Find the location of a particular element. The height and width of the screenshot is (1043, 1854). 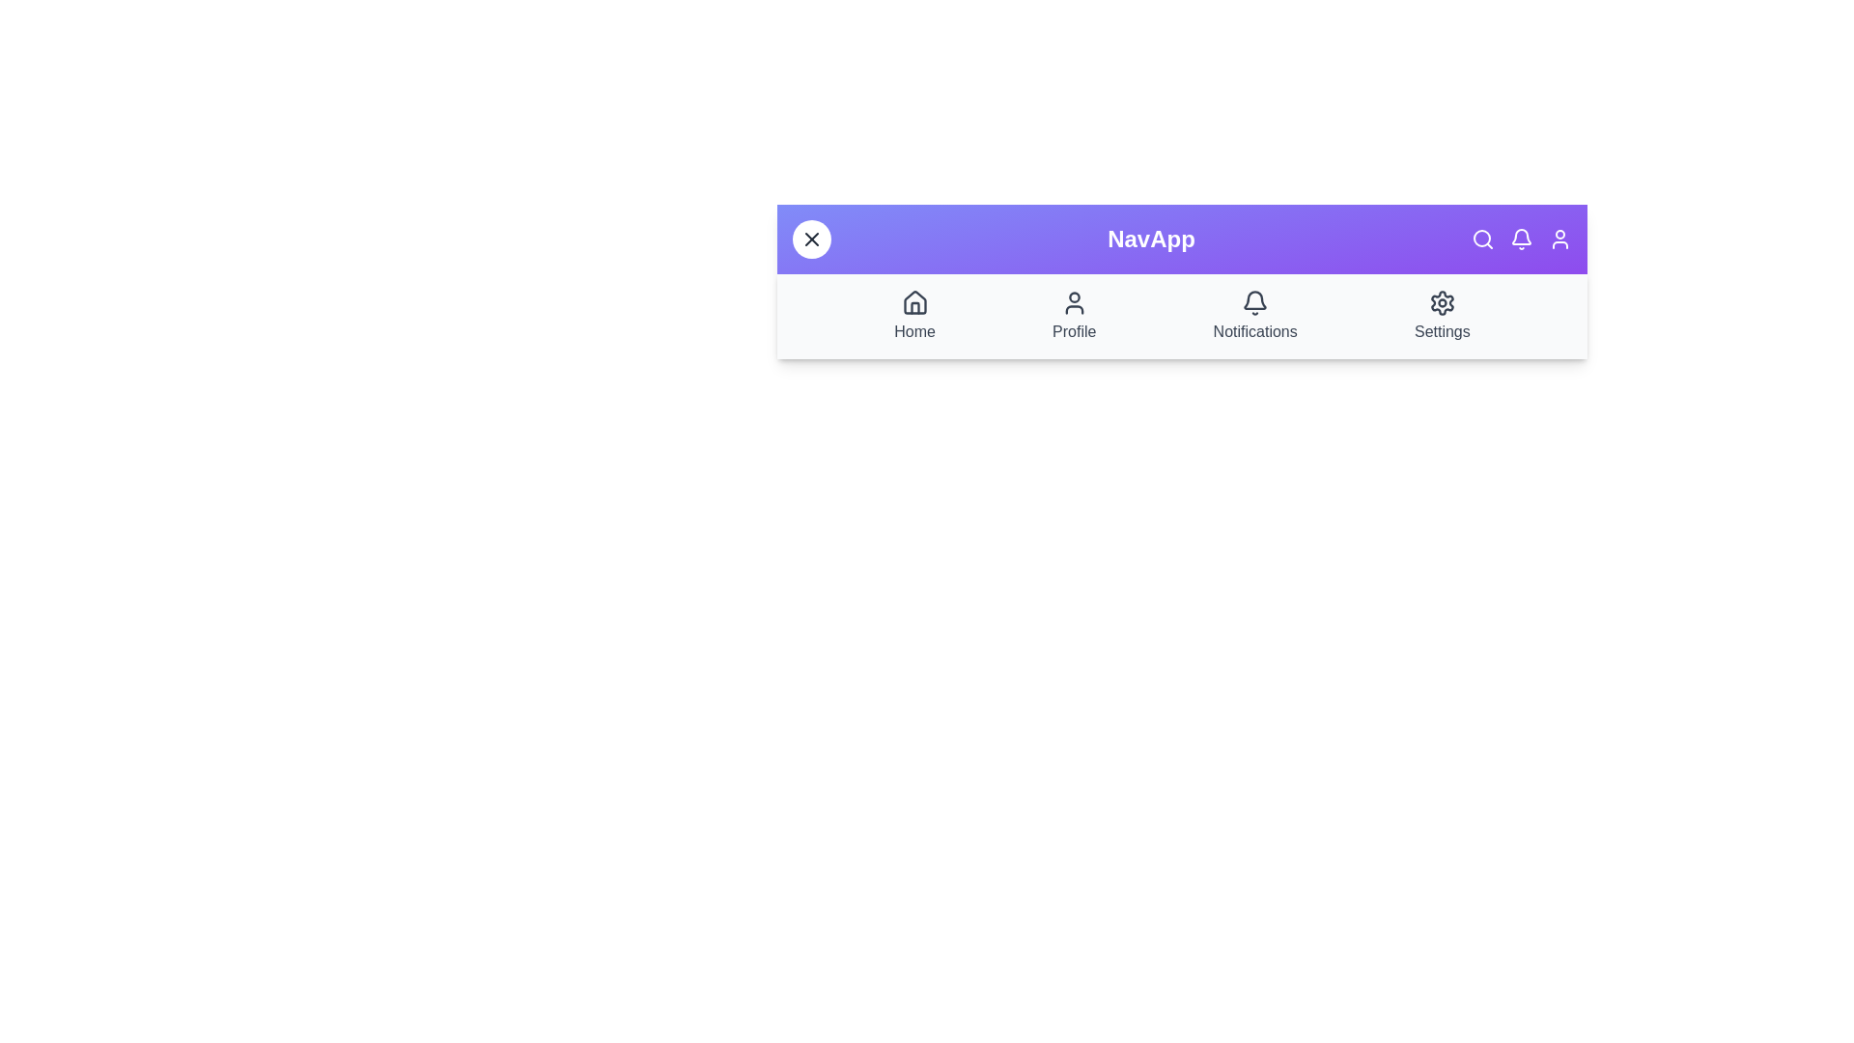

the Settings navigation button is located at coordinates (1442, 315).